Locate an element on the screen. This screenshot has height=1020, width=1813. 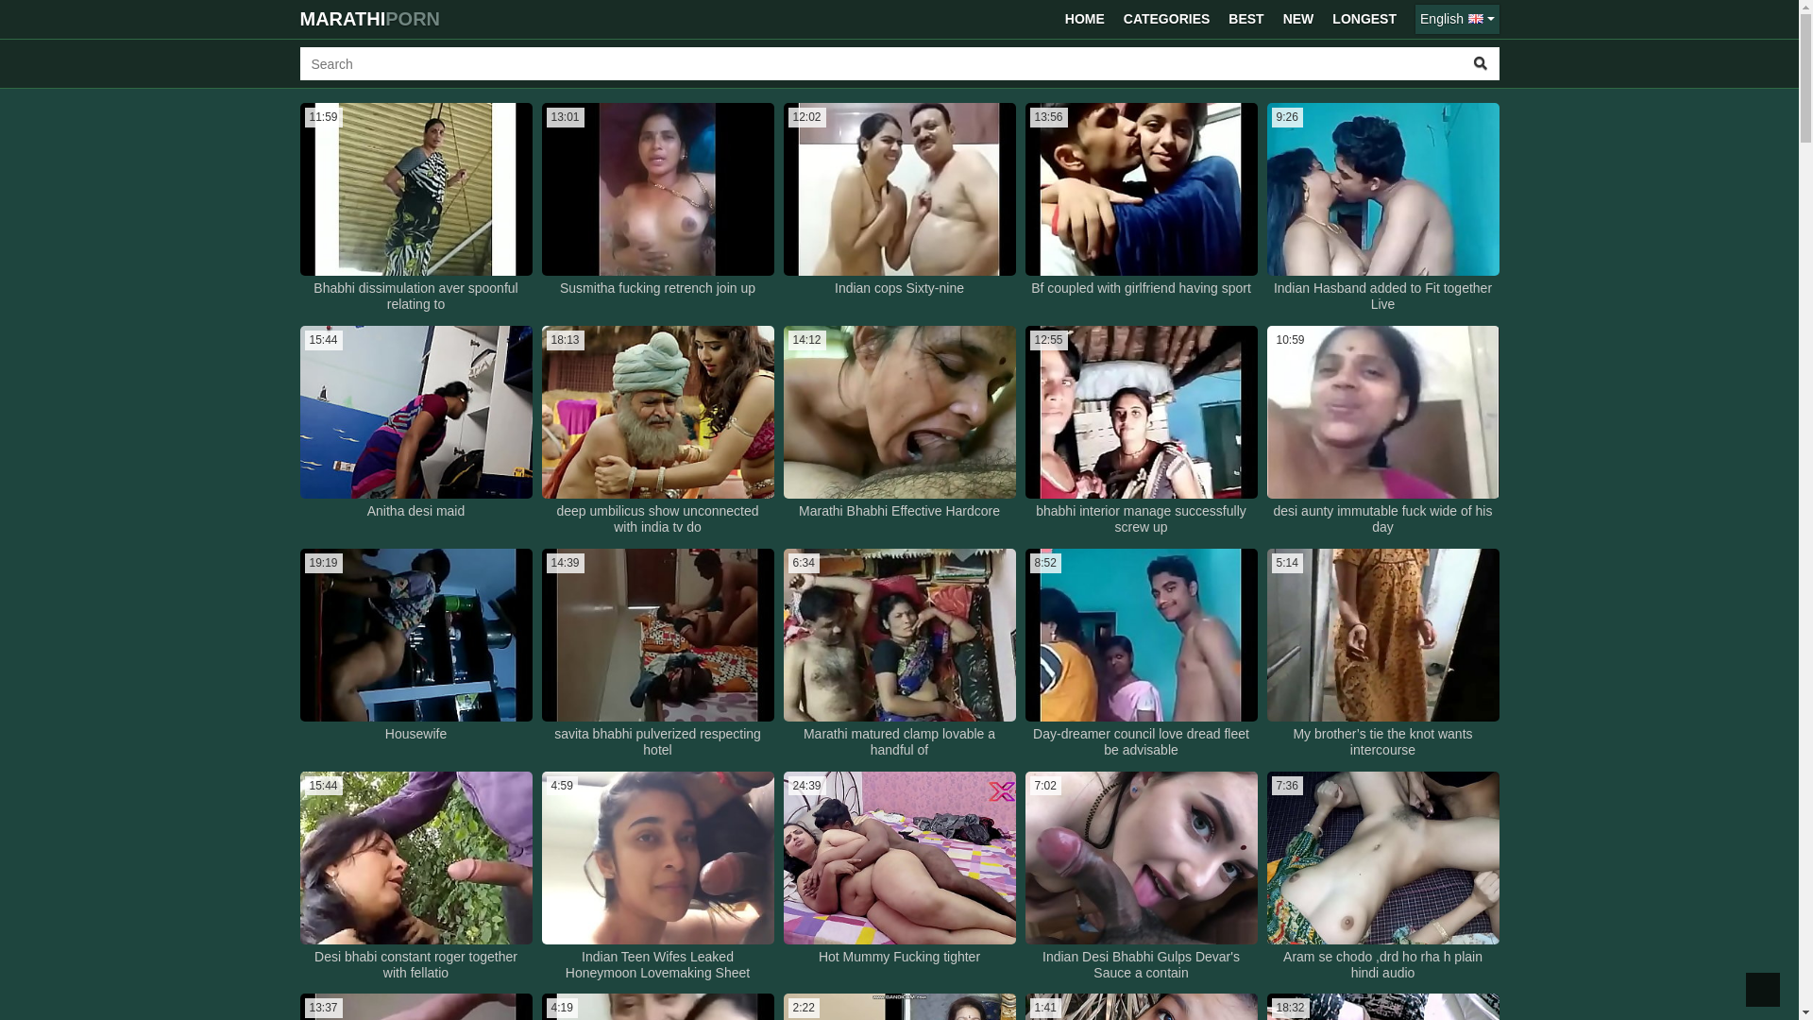
'HOME' is located at coordinates (1056, 19).